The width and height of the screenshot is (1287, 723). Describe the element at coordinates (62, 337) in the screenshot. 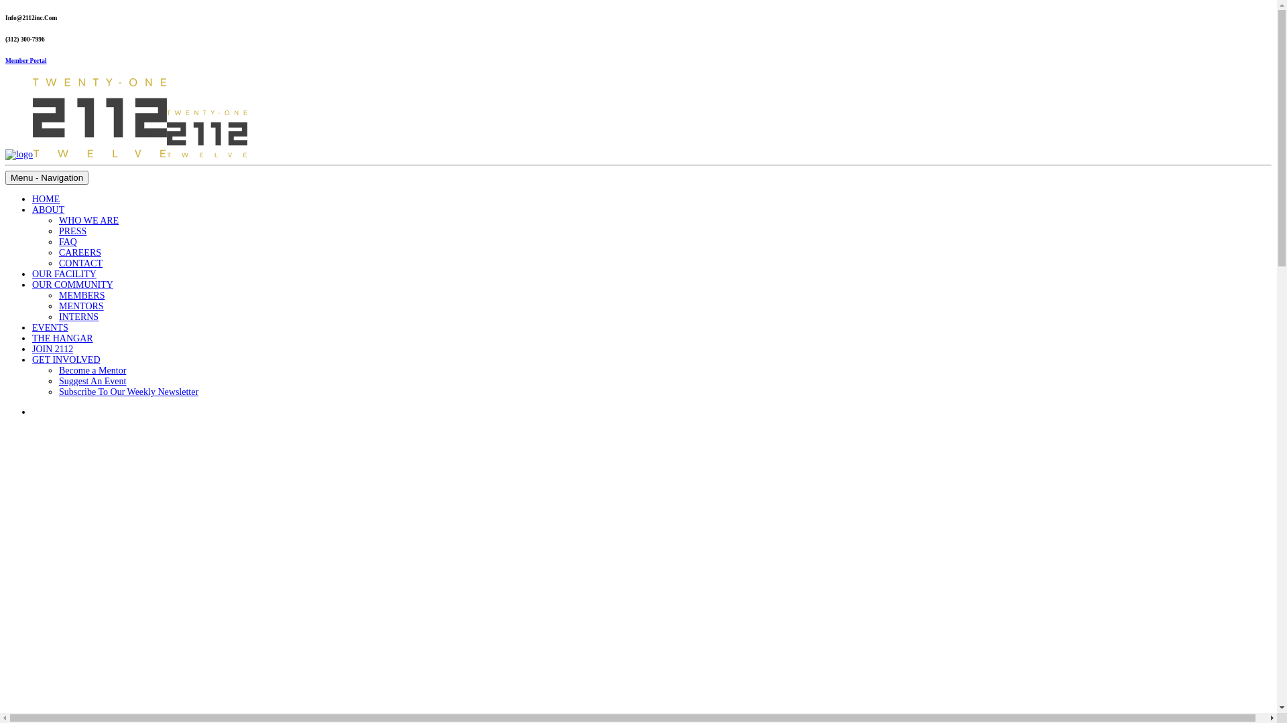

I see `'THE HANGAR'` at that location.